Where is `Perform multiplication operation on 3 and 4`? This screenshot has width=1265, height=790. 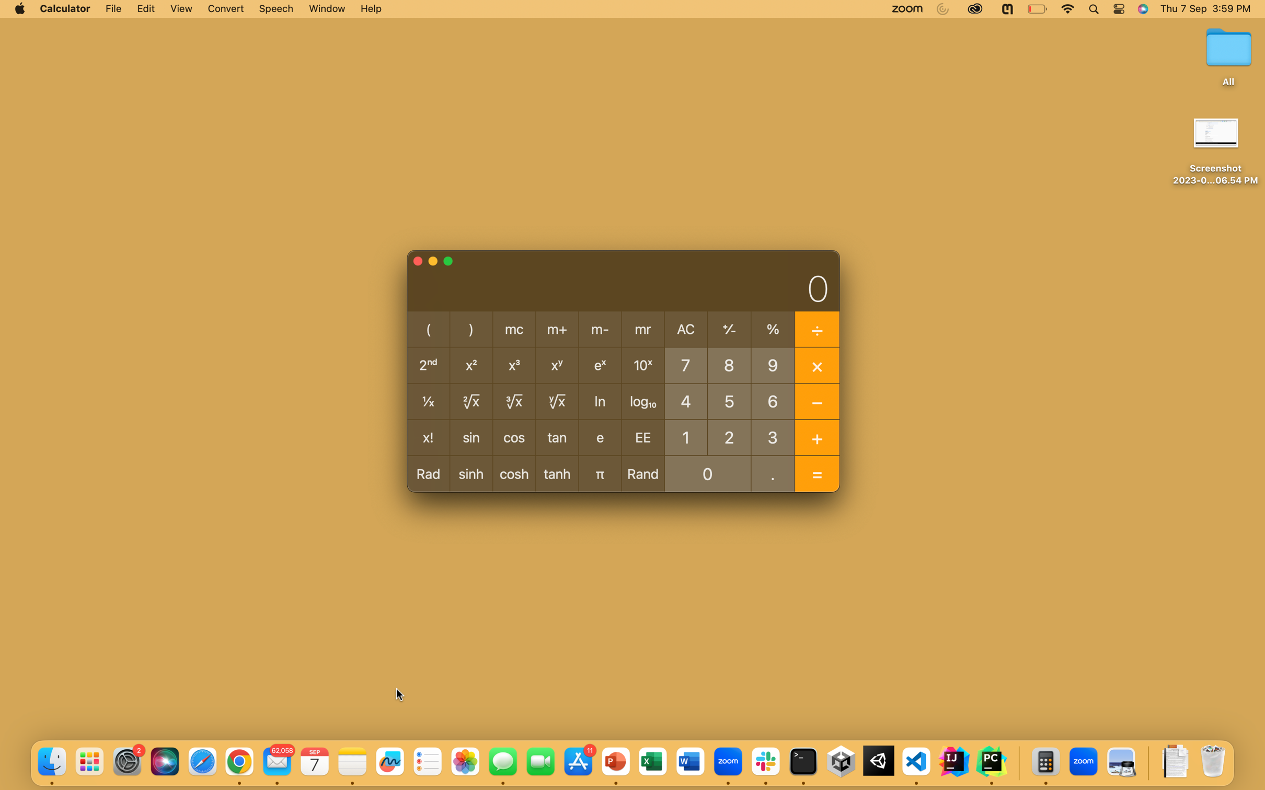 Perform multiplication operation on 3 and 4 is located at coordinates (773, 436).